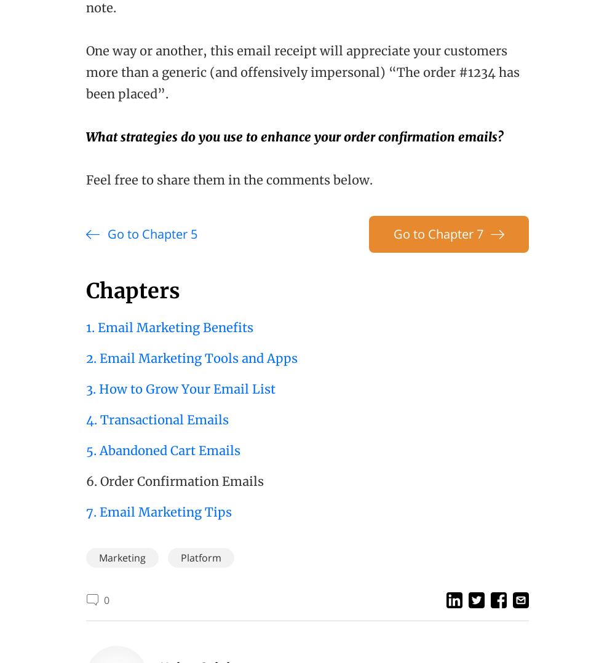  Describe the element at coordinates (86, 419) in the screenshot. I see `'4. Transactional Emails'` at that location.